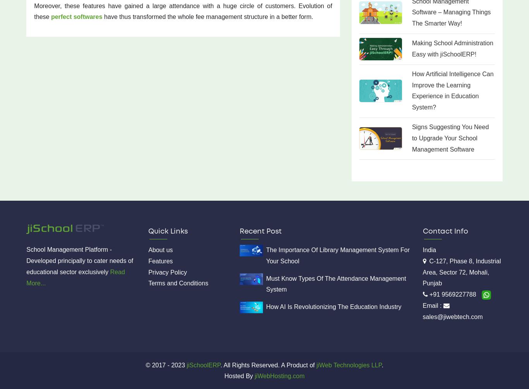 The width and height of the screenshot is (529, 389). What do you see at coordinates (178, 283) in the screenshot?
I see `'Terms and
											Conditions'` at bounding box center [178, 283].